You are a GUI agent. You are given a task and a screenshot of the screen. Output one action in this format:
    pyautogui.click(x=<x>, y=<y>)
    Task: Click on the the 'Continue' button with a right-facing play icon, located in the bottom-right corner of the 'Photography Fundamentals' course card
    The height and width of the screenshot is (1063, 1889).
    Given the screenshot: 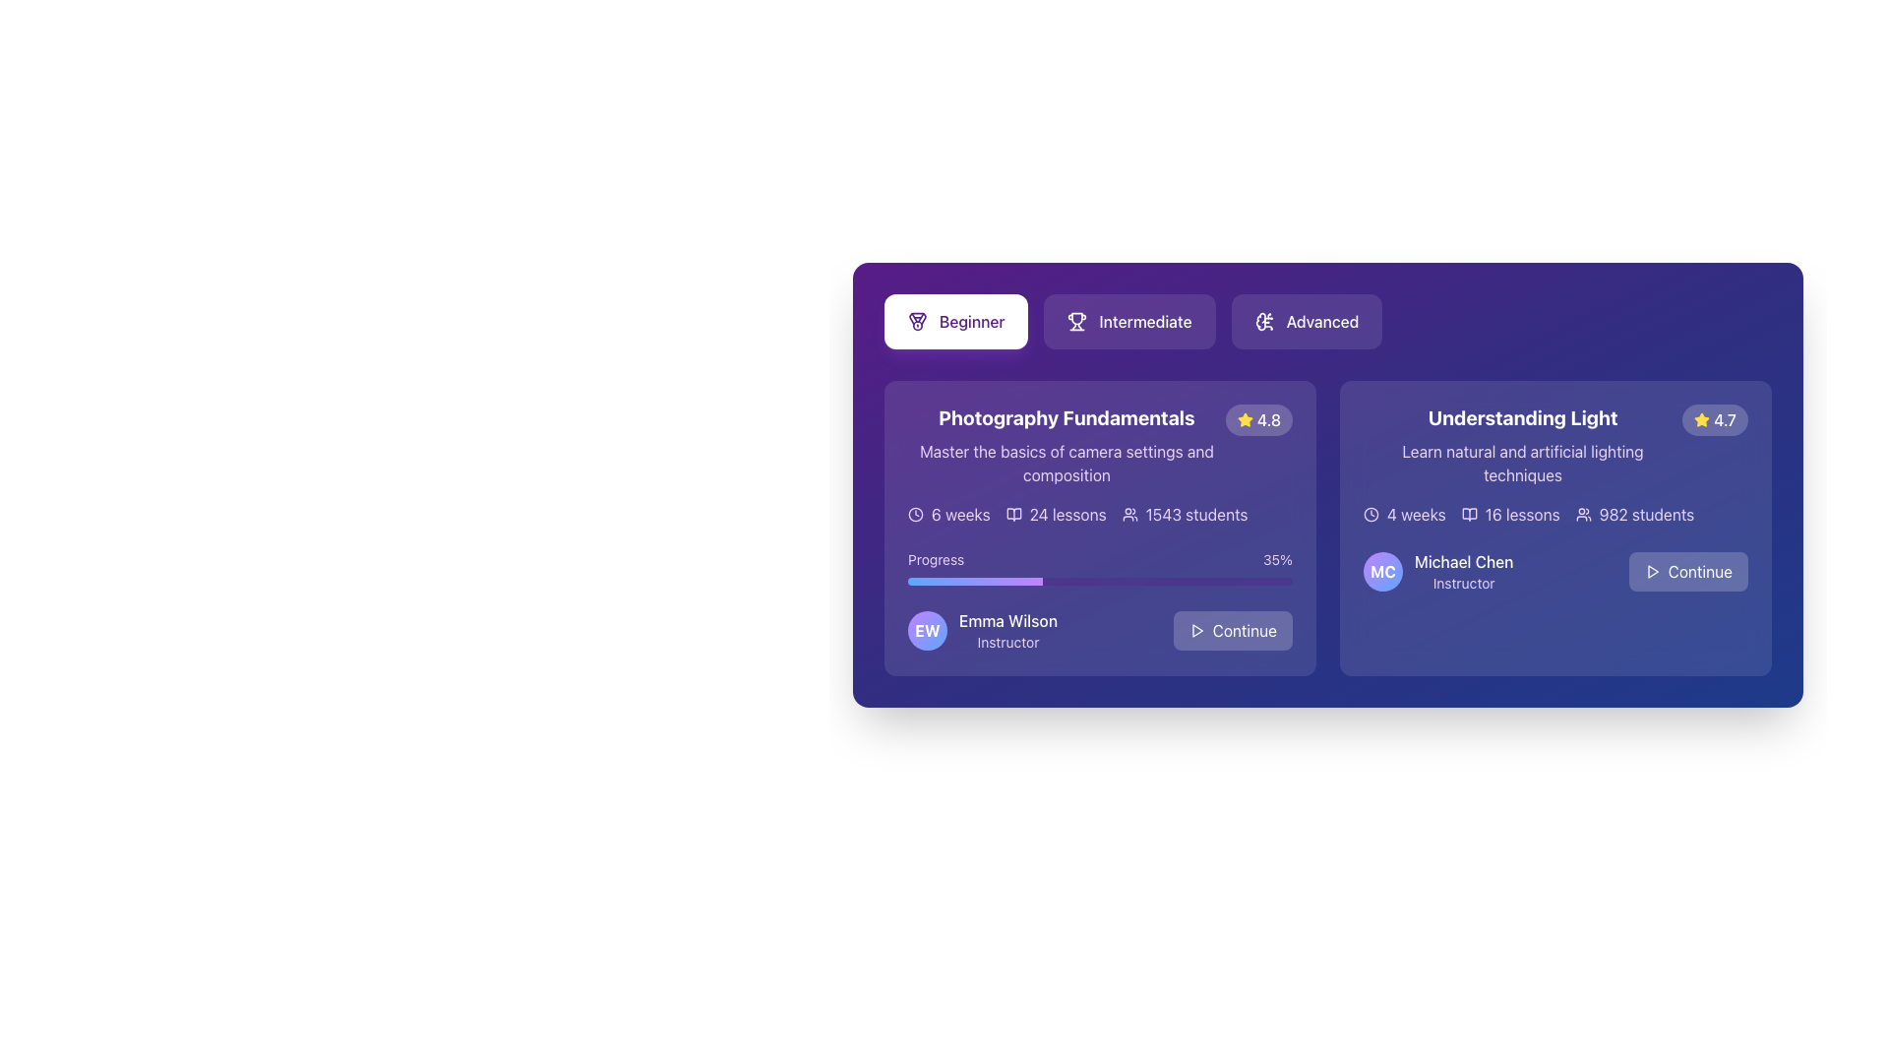 What is the action you would take?
    pyautogui.click(x=1232, y=630)
    